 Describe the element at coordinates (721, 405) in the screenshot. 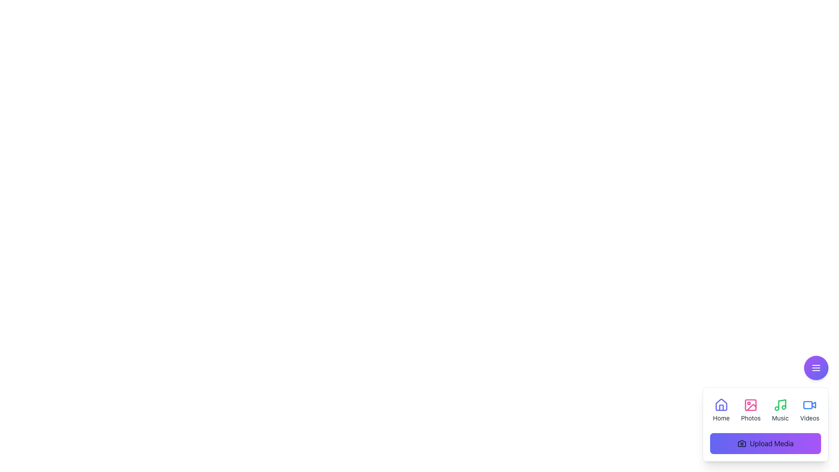

I see `the stylized house icon rendered in indigo color` at that location.